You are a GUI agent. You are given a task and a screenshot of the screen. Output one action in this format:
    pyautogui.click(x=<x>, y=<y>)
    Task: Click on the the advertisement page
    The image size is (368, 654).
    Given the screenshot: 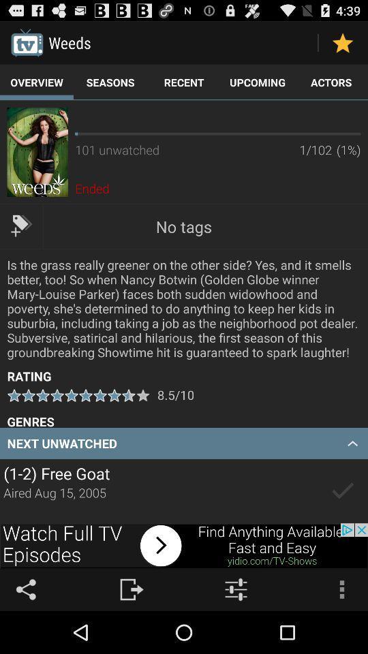 What is the action you would take?
    pyautogui.click(x=184, y=546)
    